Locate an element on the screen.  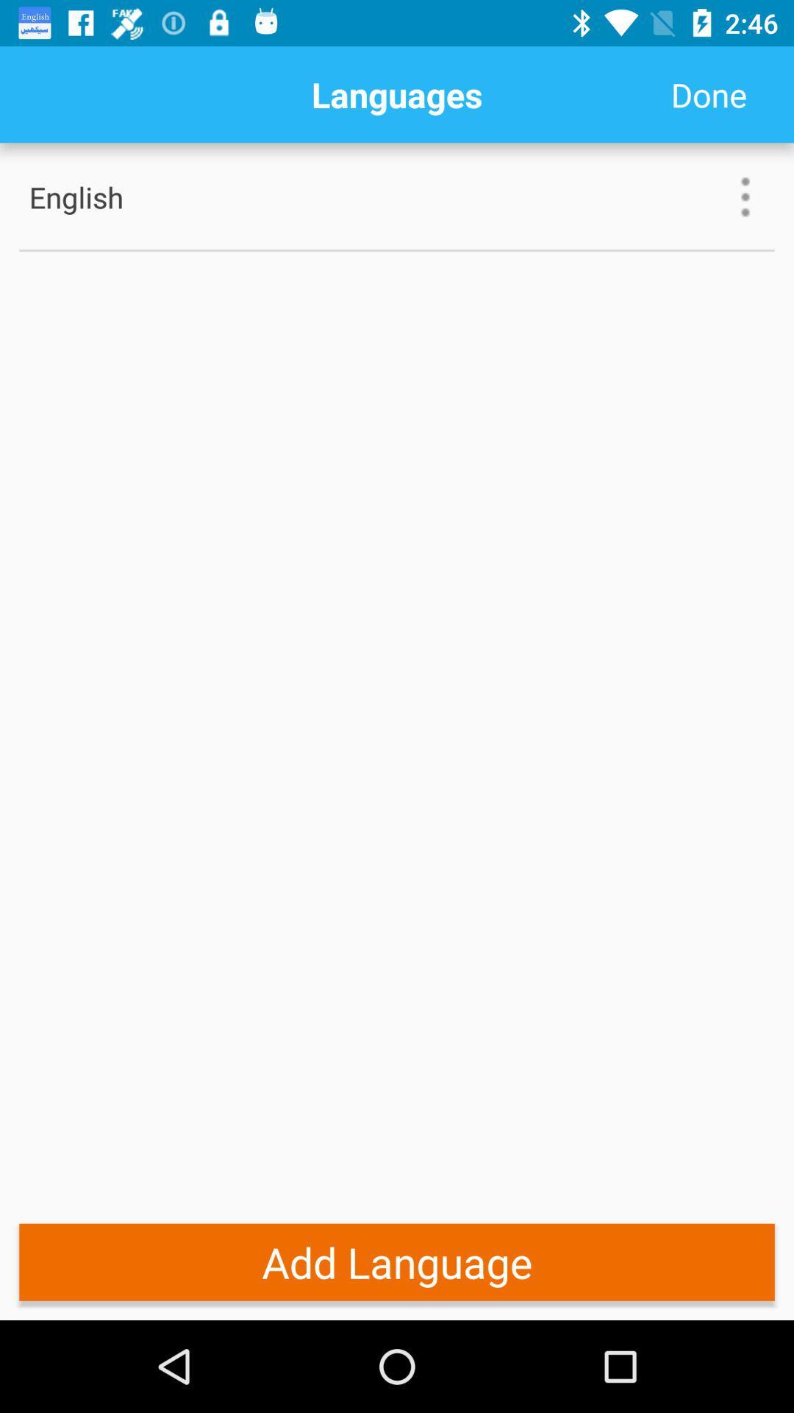
app to the right of the languages is located at coordinates (708, 93).